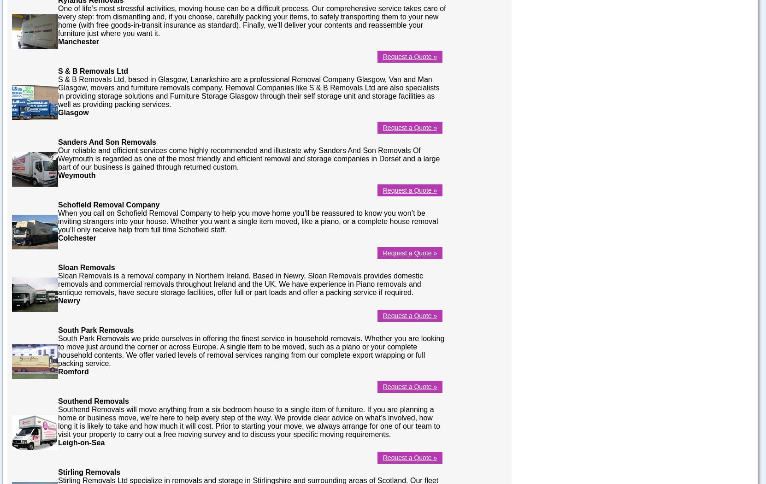 This screenshot has height=484, width=766. I want to click on 'South Park Removals we pride ourselves in offering the finest service in household removals.
Whether you are looking to move just around the corner or across Europe.

A single item to be moved, such as a piano or your complete household contents.
We offer varied levels of removal services ranging from our complete export wrapping or full packing service.', so click(250, 350).